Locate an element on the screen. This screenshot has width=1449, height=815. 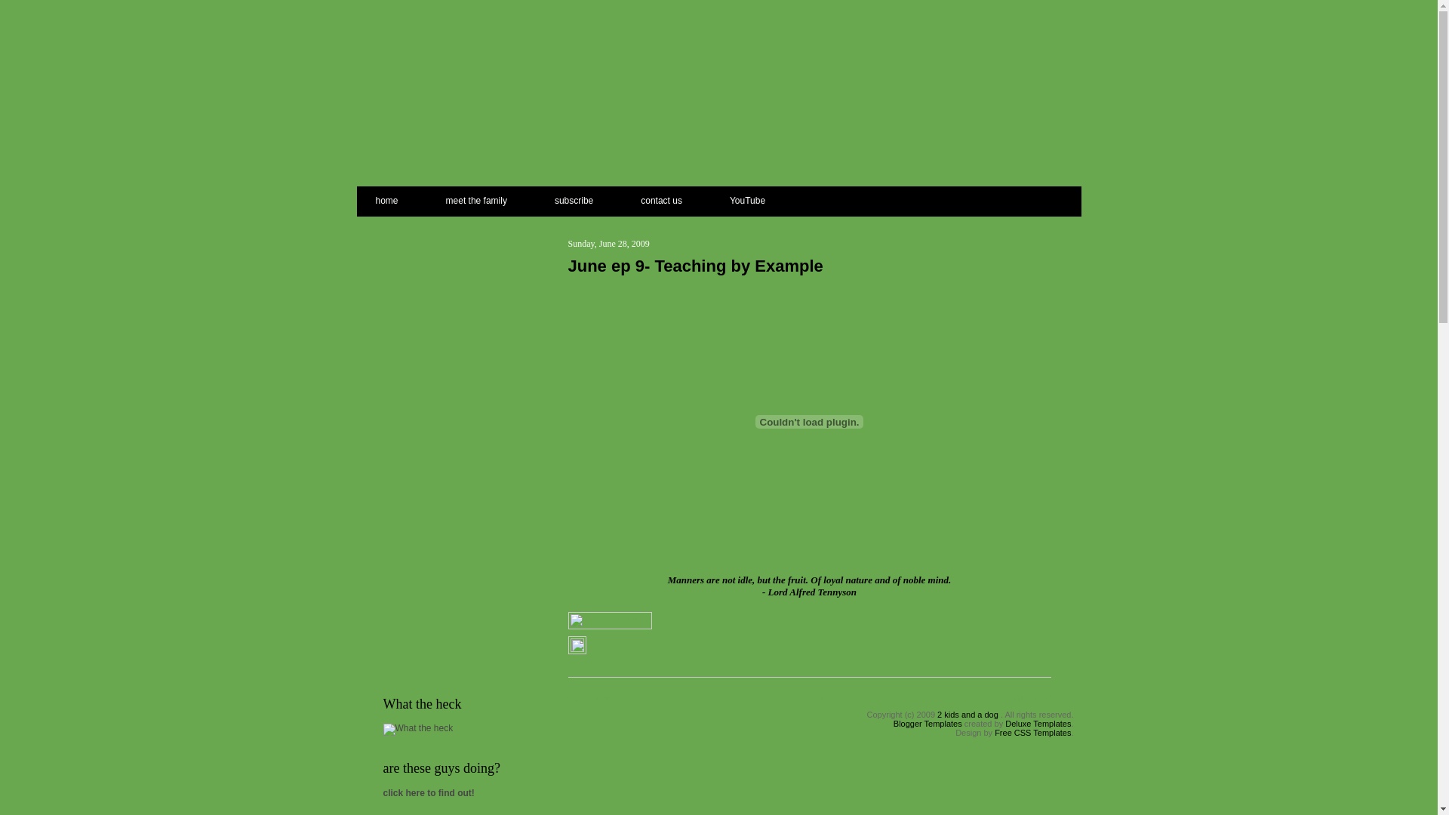
'meet the family' is located at coordinates (475, 197).